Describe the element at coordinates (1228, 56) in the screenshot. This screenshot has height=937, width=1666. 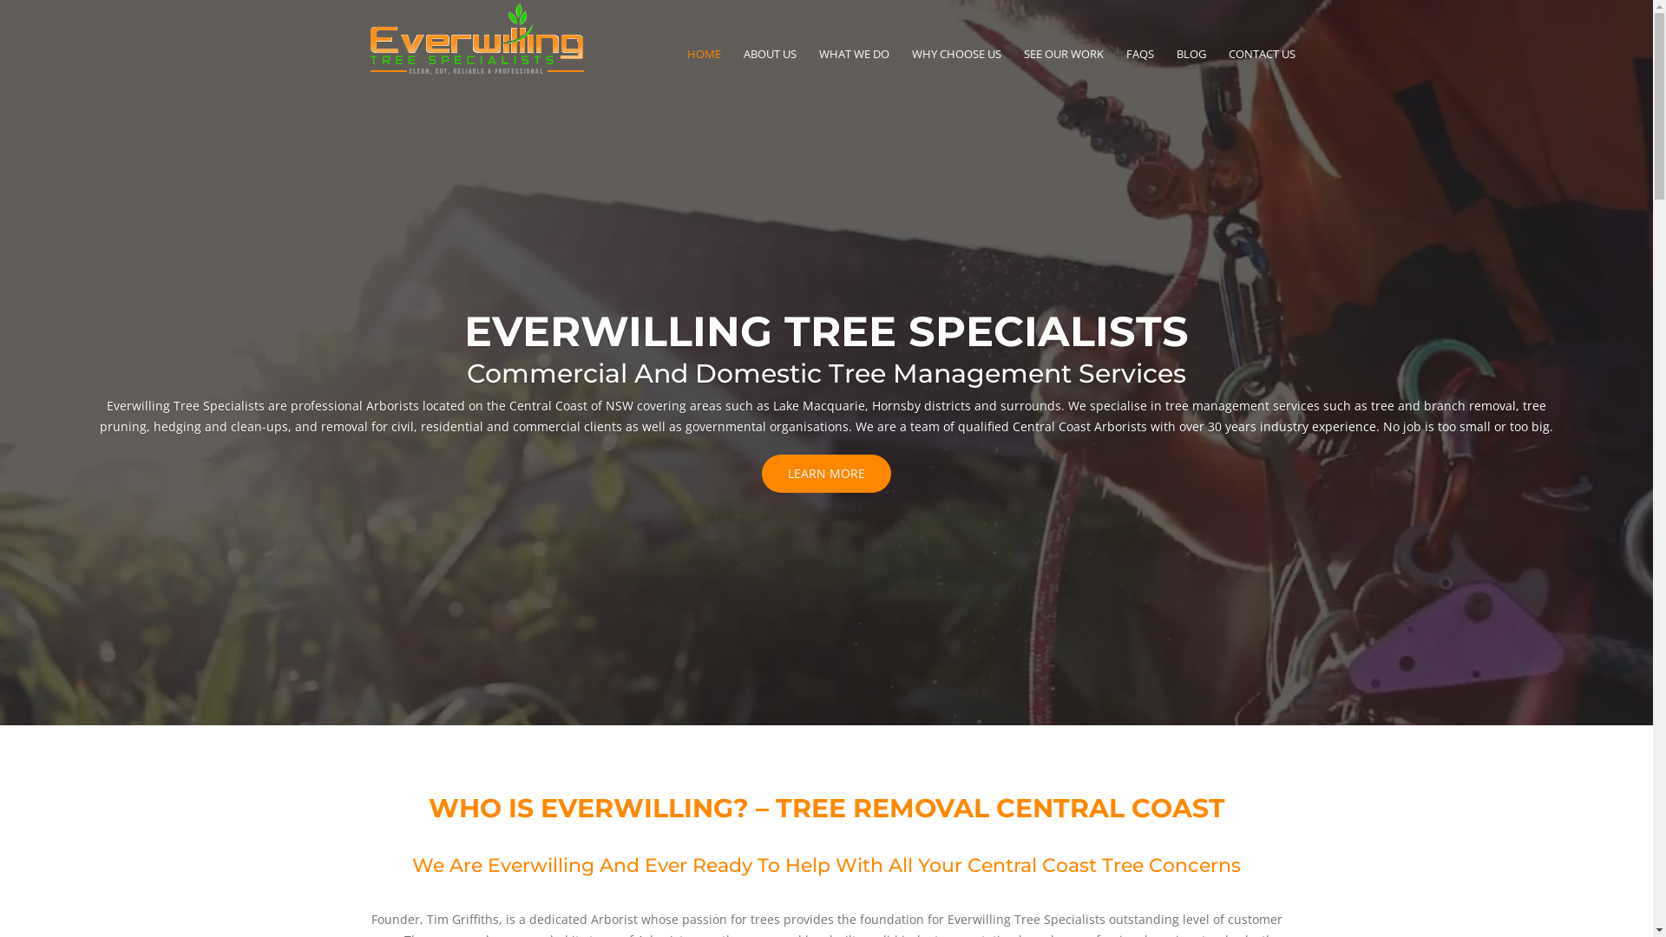
I see `'CONTACT US'` at that location.